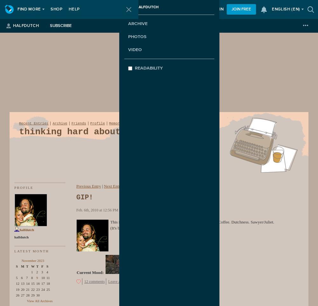 The height and width of the screenshot is (306, 318). Describe the element at coordinates (16, 278) in the screenshot. I see `'5'` at that location.